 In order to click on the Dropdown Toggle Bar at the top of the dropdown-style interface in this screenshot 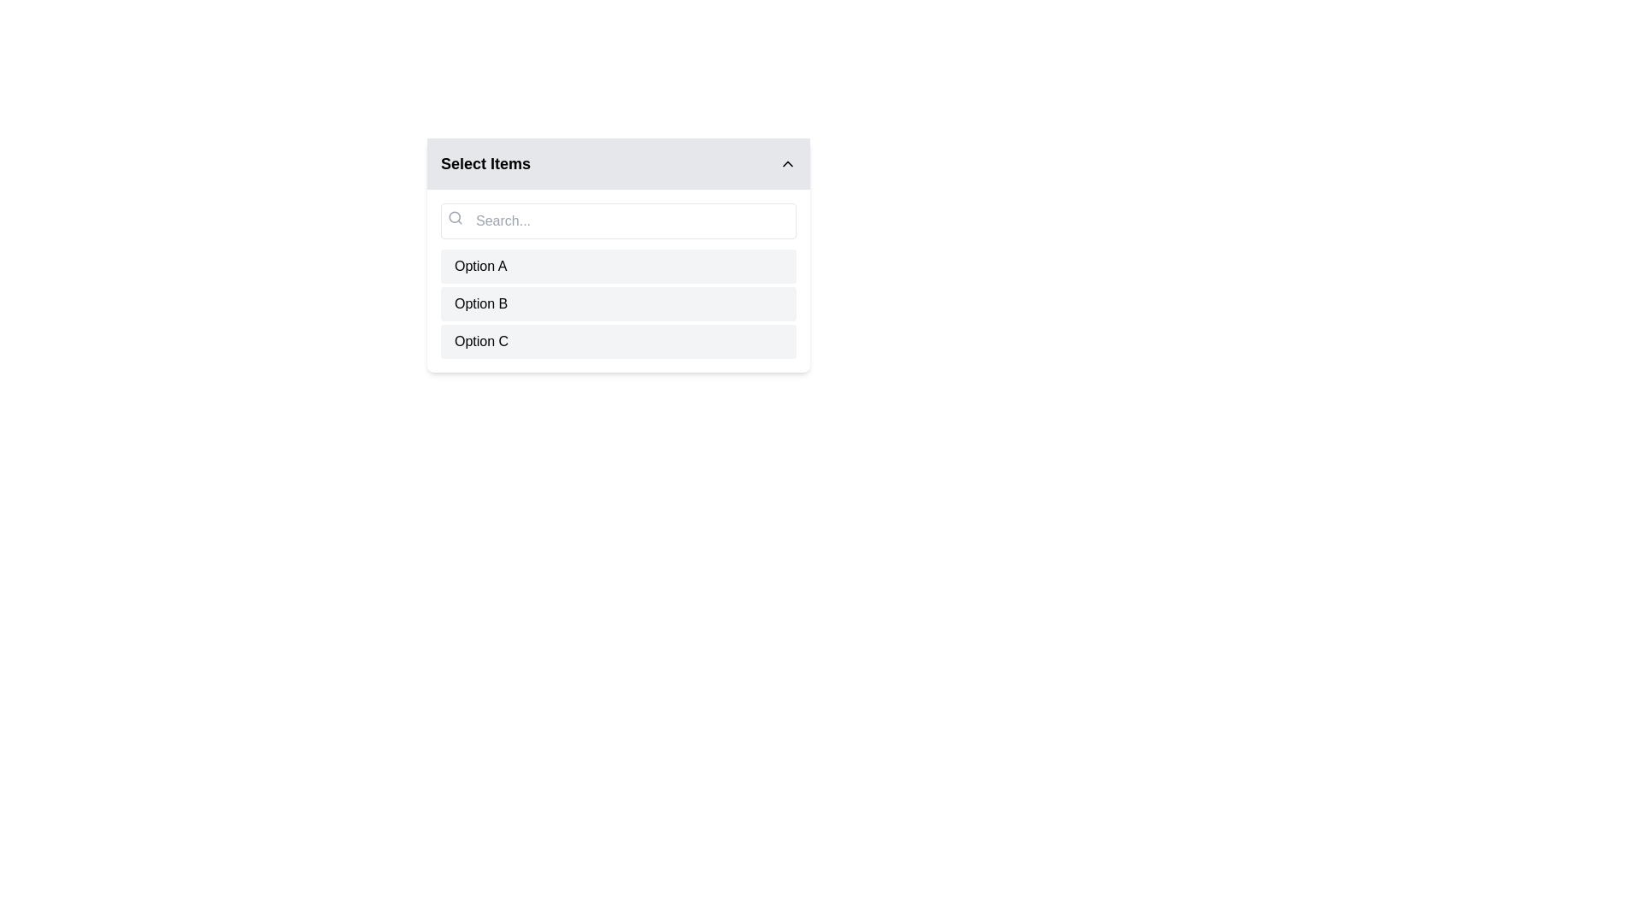, I will do `click(618, 164)`.